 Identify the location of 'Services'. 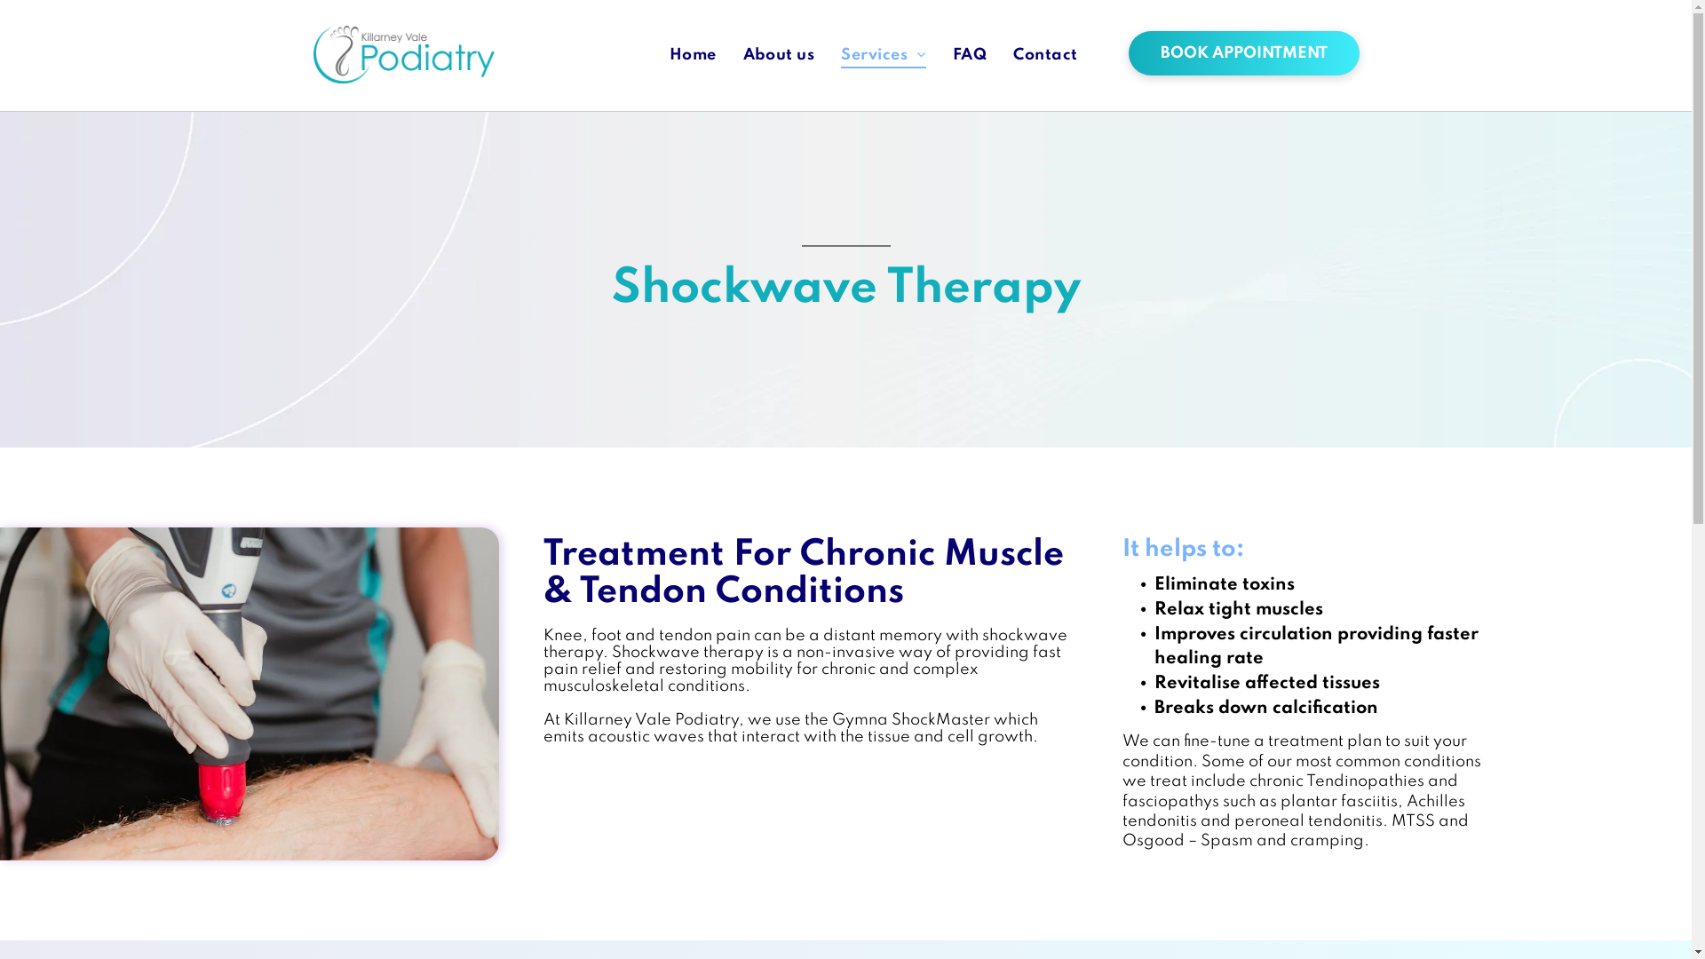
(883, 54).